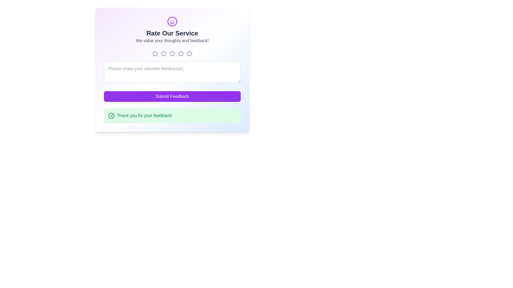  Describe the element at coordinates (172, 72) in the screenshot. I see `the text input box with placeholder text 'Please share your valuable feedback…'` at that location.